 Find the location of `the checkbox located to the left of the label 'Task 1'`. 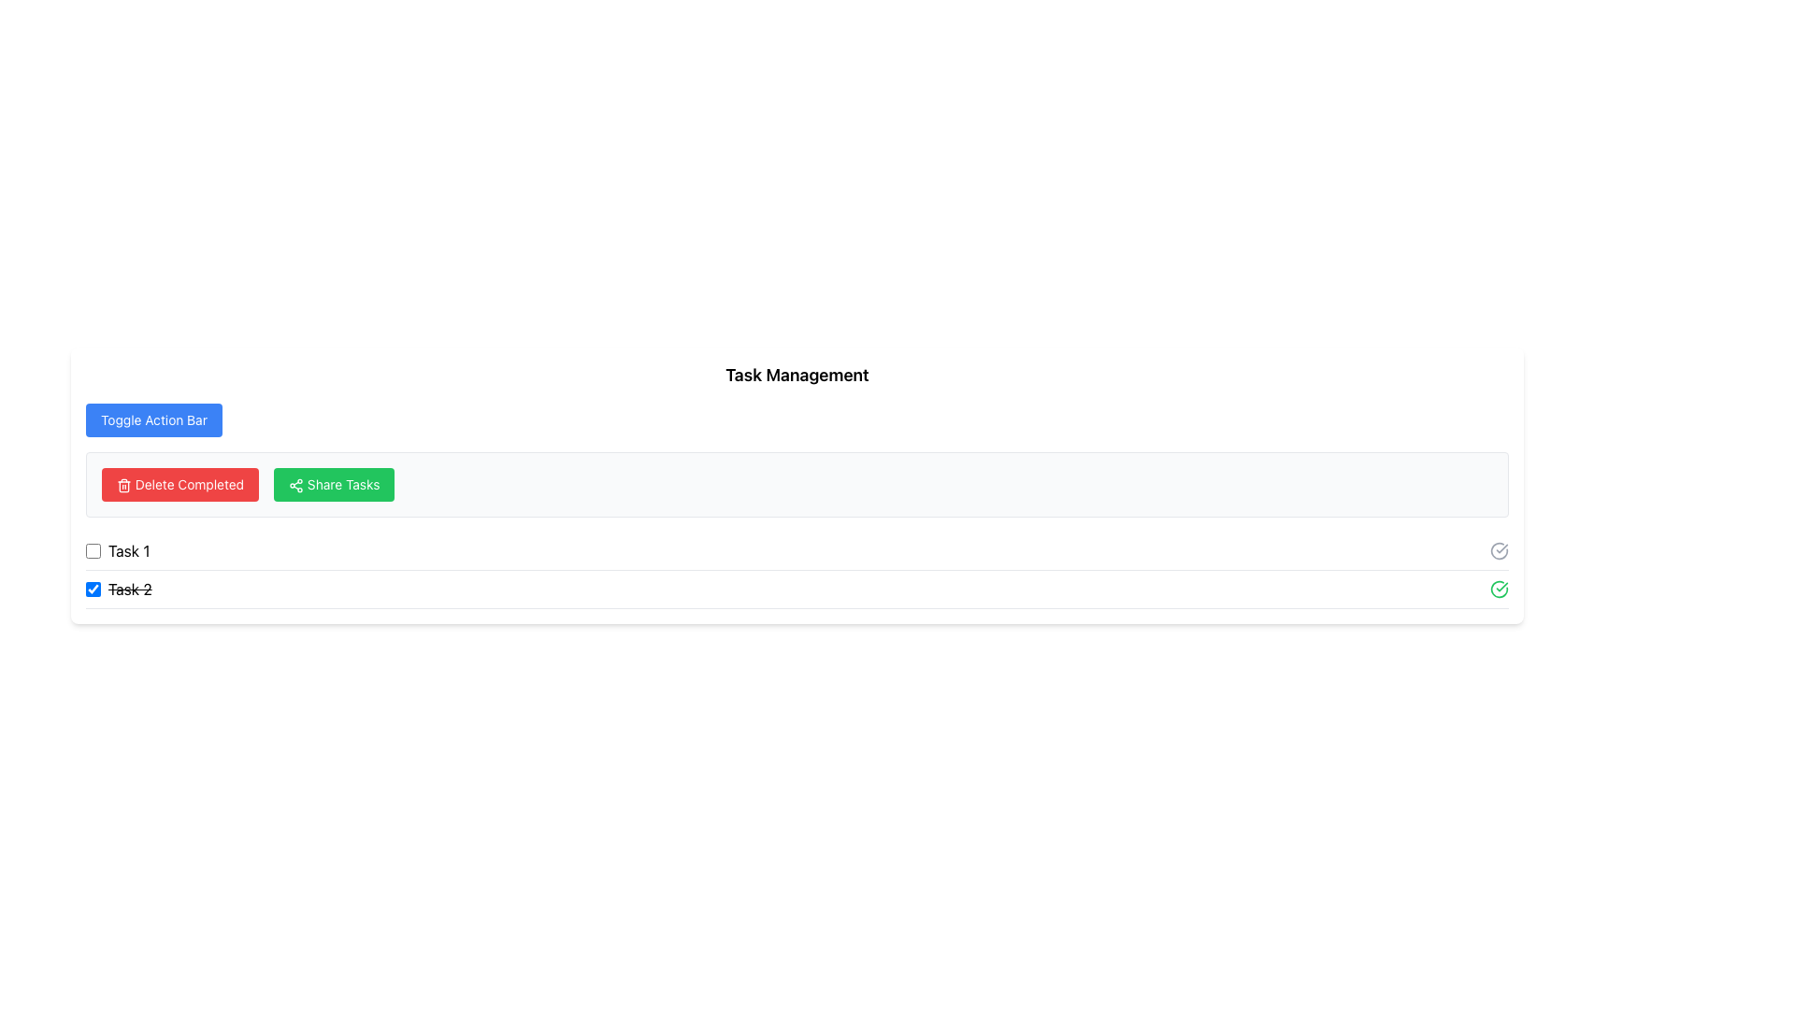

the checkbox located to the left of the label 'Task 1' is located at coordinates (93, 550).